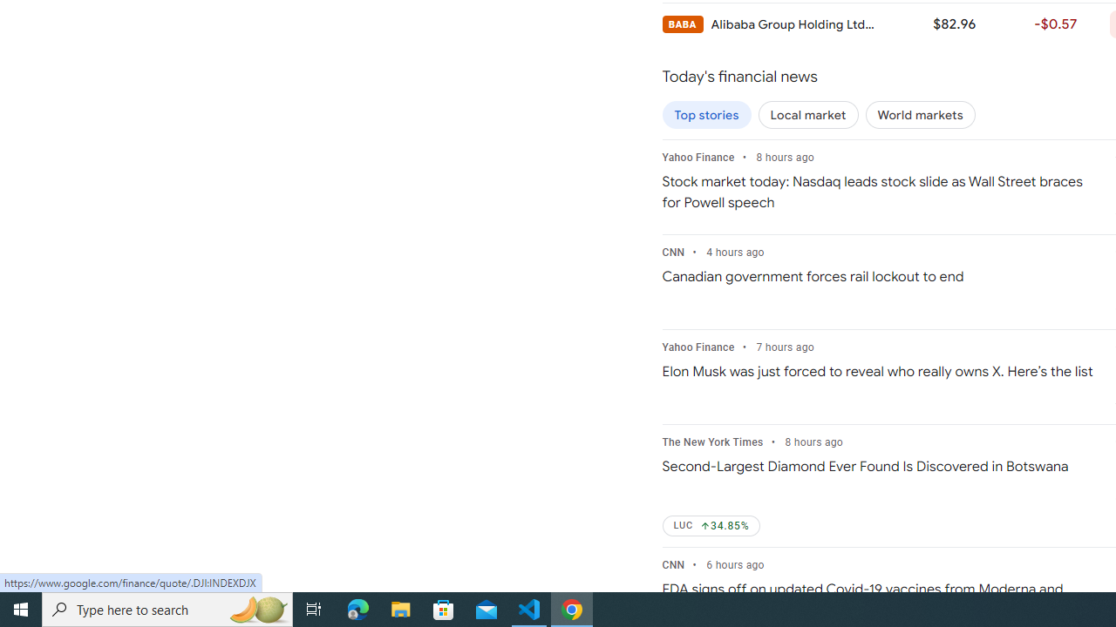 The height and width of the screenshot is (627, 1116). Describe the element at coordinates (706, 115) in the screenshot. I see `'Top stories'` at that location.